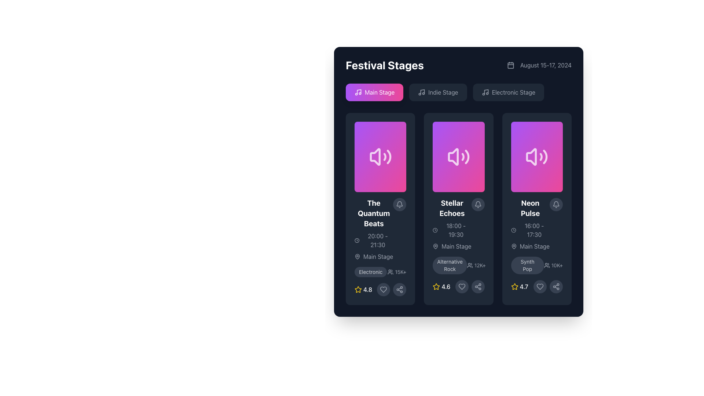  I want to click on the popularity icon and text label indicating attendance size for the event associated with 'Stellar Echoes' and 'Alternative Rock', so click(476, 265).